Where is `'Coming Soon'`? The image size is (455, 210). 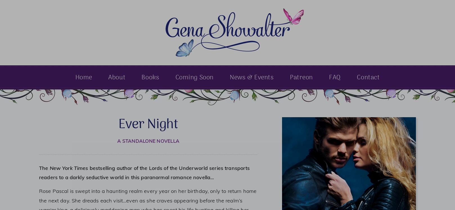 'Coming Soon' is located at coordinates (194, 77).